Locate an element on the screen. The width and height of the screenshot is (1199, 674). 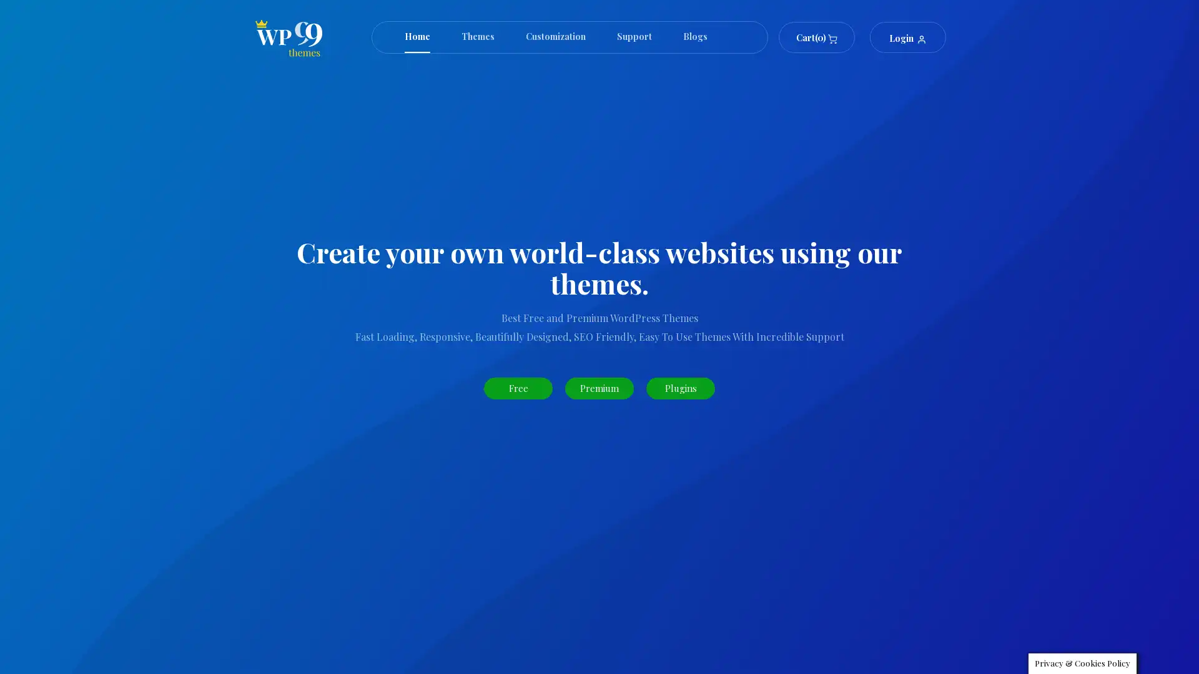
Search is located at coordinates (809, 440).